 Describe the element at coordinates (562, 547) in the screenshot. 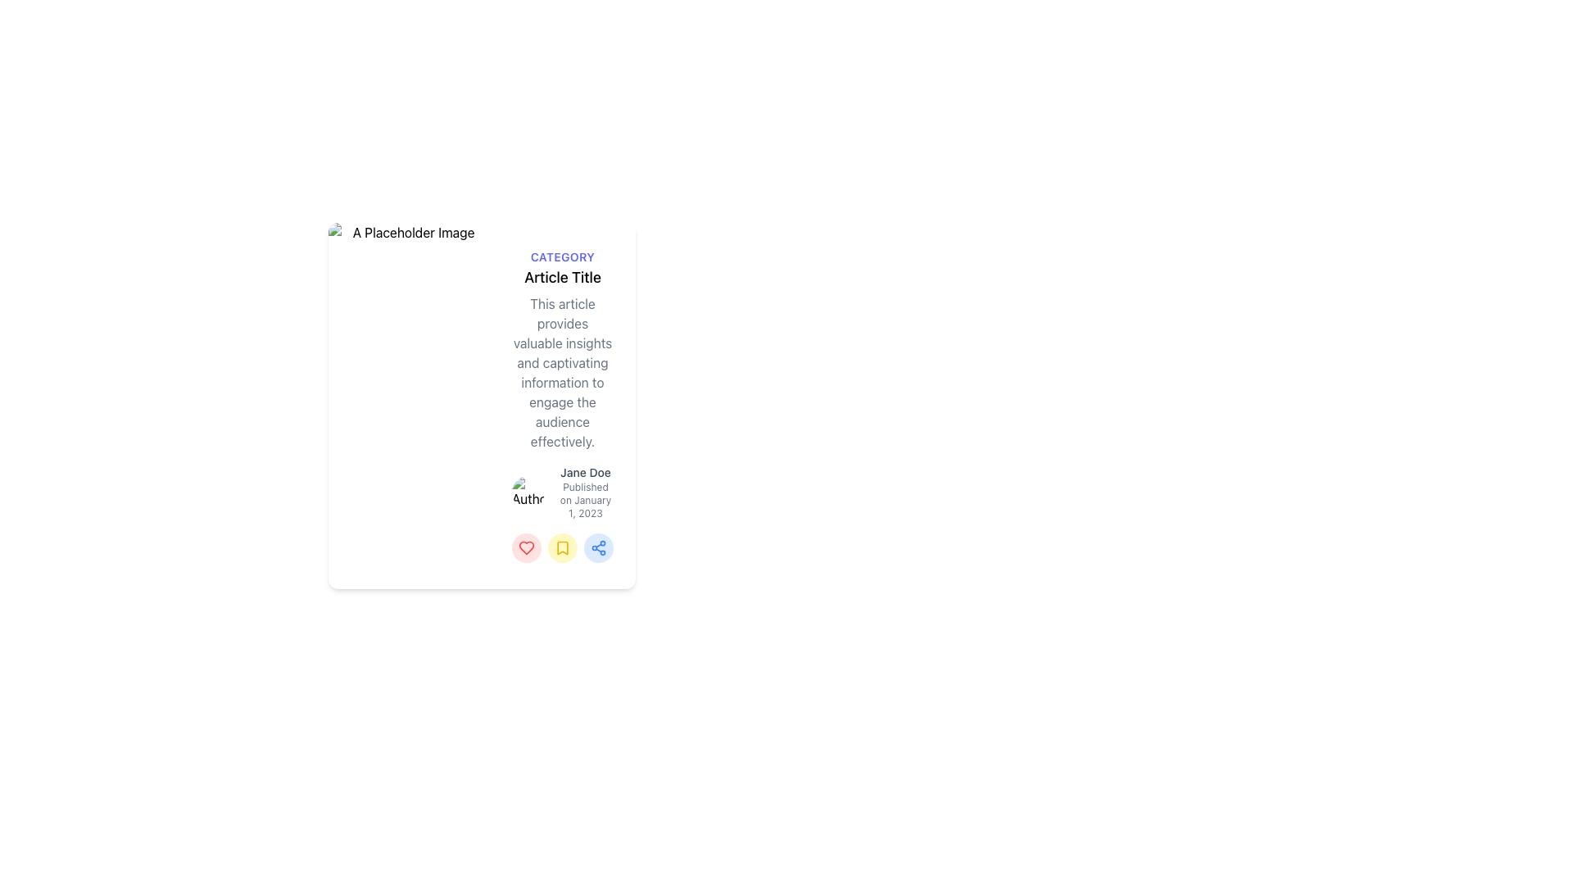

I see `the bookmark icon button located in the bottom row of icons, positioned between the heart-shaped icon and the circular share icon` at that location.